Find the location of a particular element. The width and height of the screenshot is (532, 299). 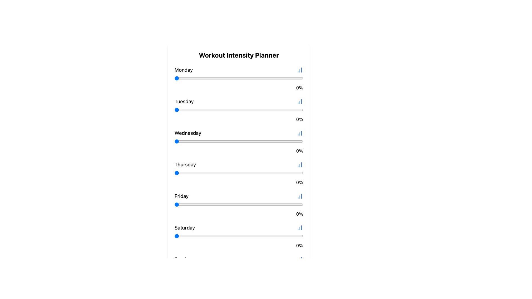

Monday's intensity is located at coordinates (285, 78).